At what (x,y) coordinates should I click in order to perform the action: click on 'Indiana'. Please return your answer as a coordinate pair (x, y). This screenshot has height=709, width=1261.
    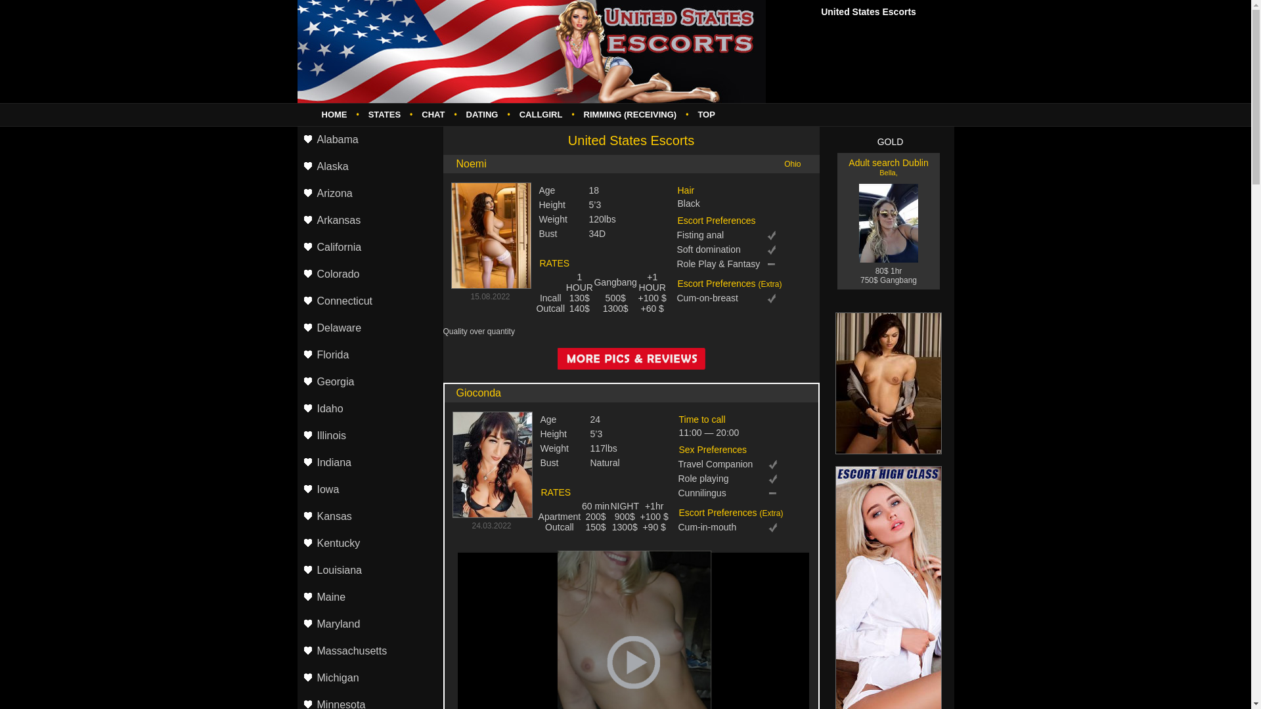
    Looking at the image, I should click on (368, 462).